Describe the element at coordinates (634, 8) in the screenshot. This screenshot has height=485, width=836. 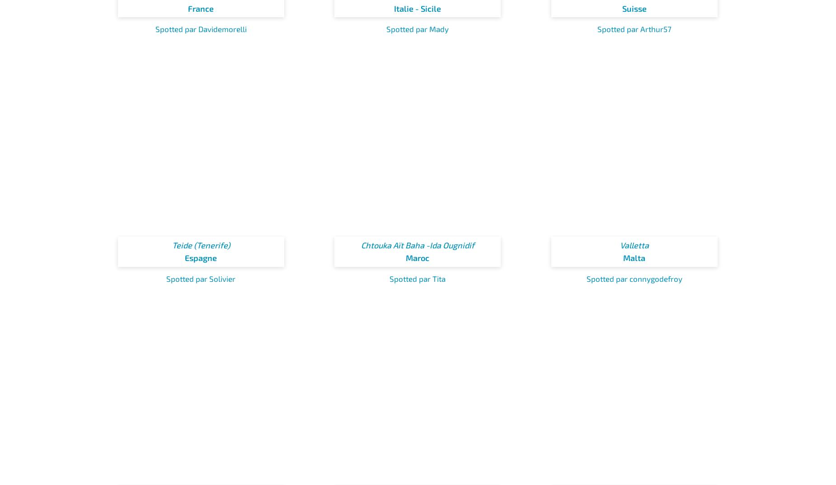
I see `'Suisse'` at that location.